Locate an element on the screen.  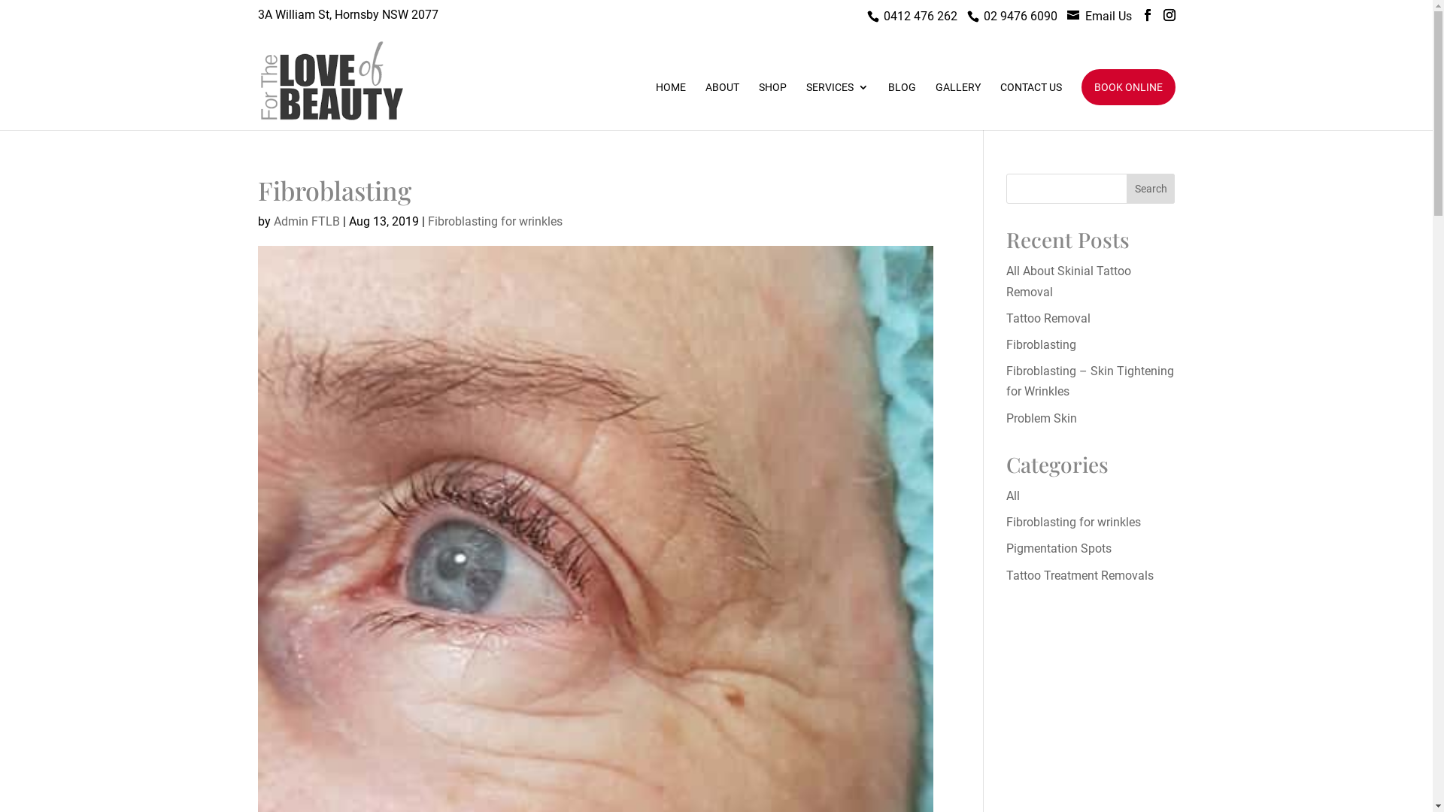
'Email Us' is located at coordinates (1108, 16).